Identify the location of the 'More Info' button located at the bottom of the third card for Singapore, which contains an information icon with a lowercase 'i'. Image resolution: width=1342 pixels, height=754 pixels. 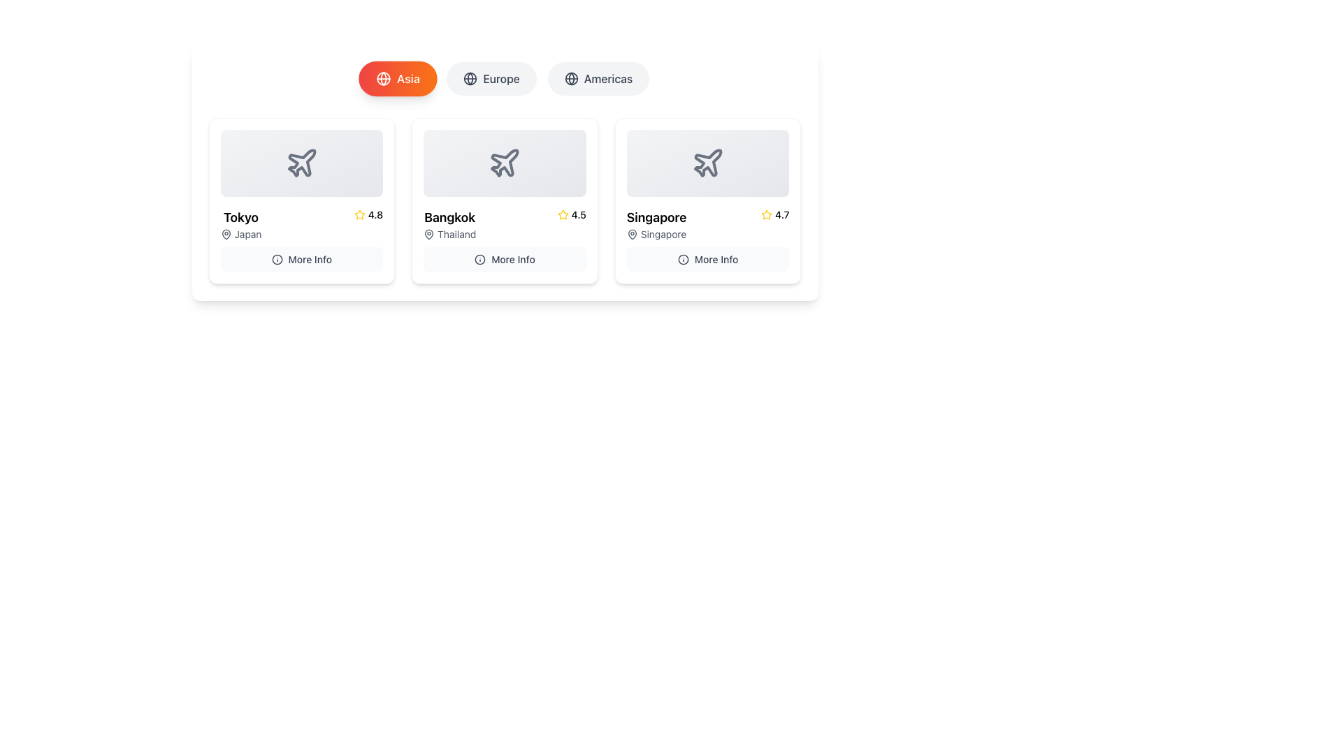
(683, 259).